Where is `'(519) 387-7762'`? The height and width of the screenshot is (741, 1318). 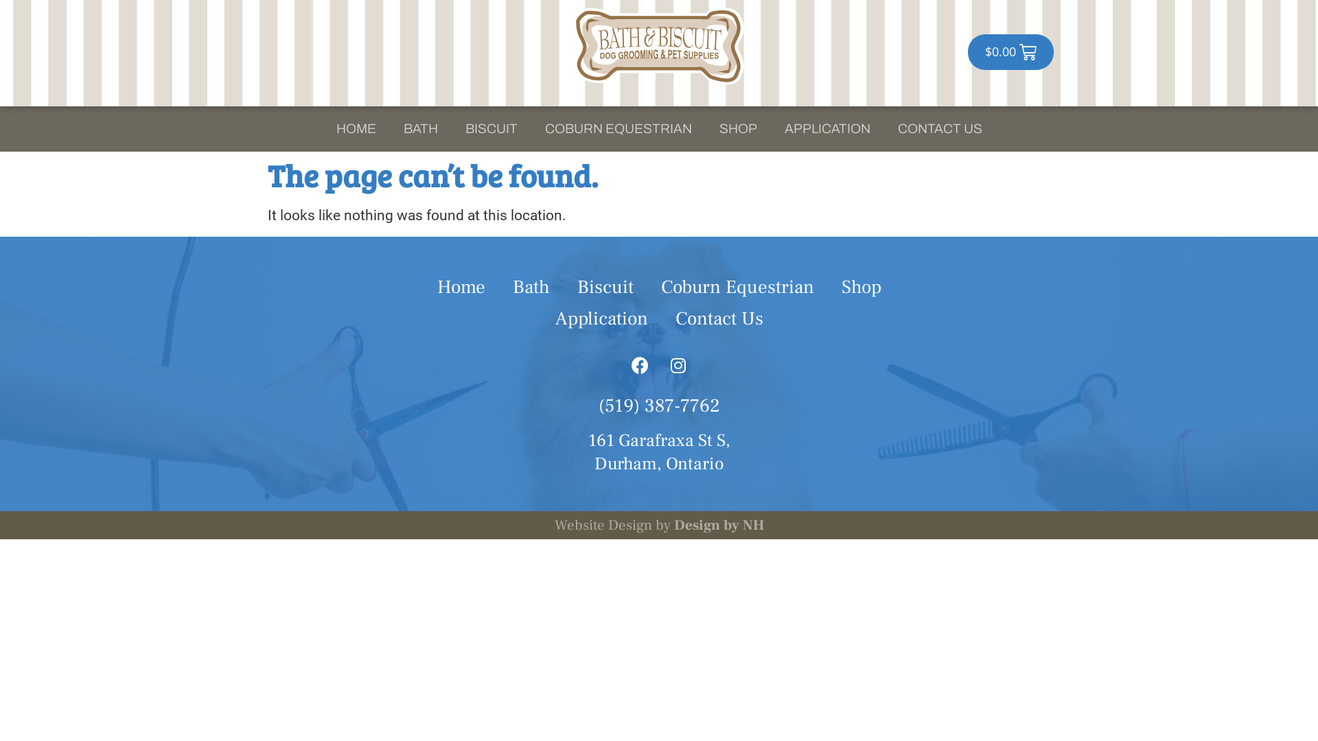 '(519) 387-7762' is located at coordinates (659, 405).